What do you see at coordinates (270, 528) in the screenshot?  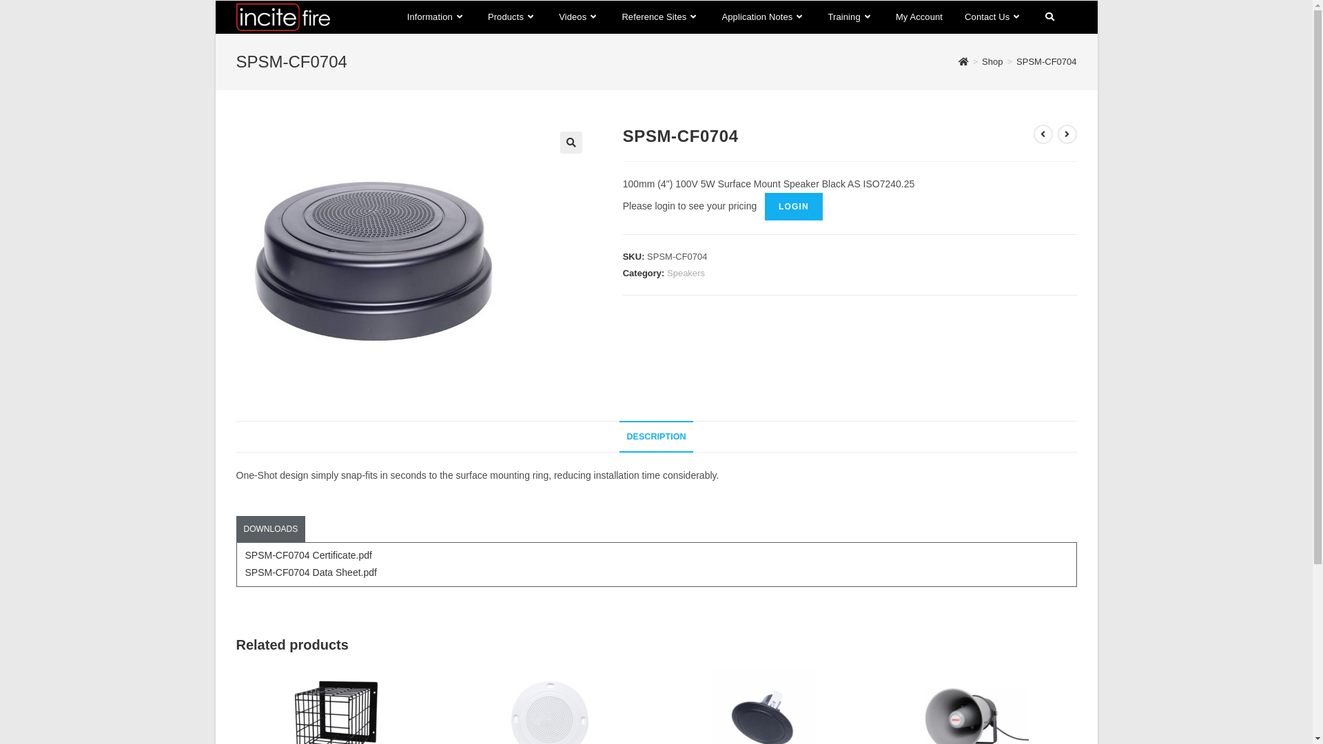 I see `'DOWNLOADS'` at bounding box center [270, 528].